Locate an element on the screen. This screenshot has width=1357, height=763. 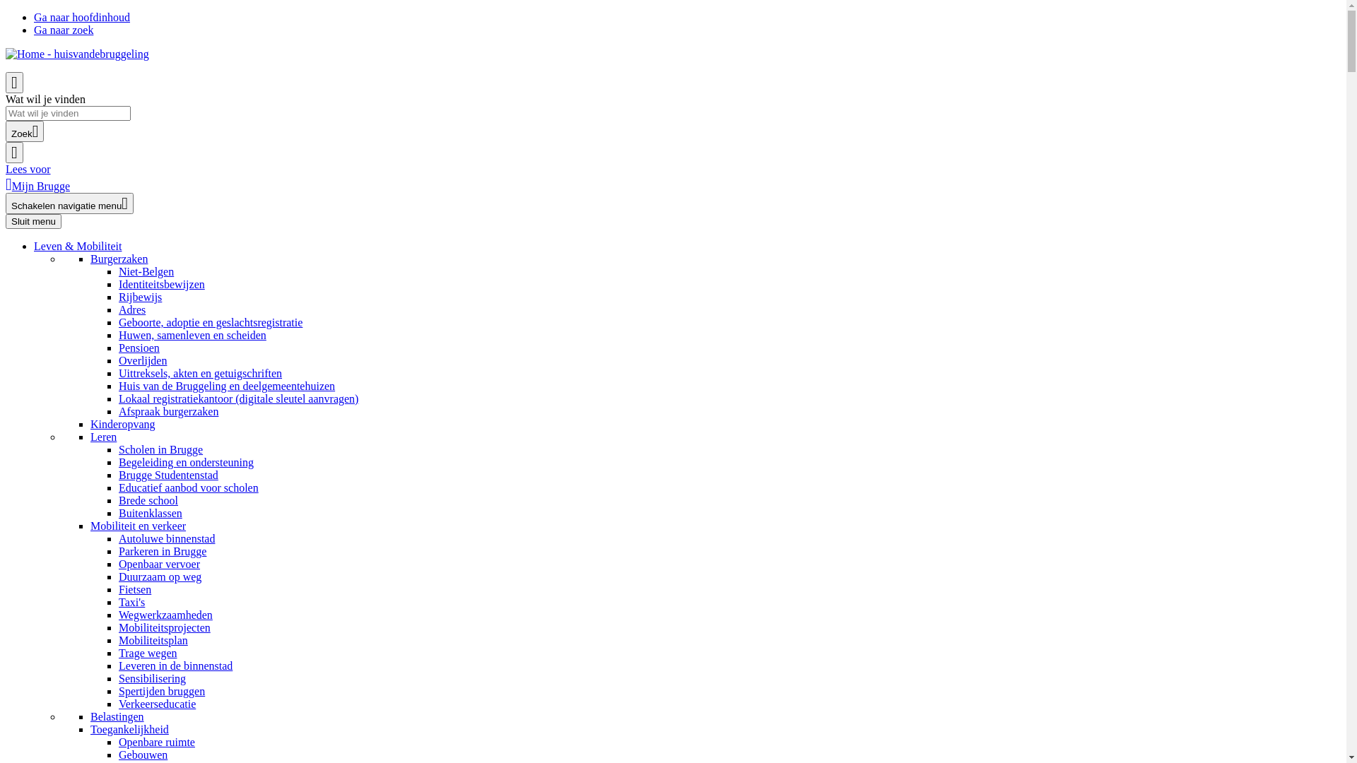
'Openbare ruimte' is located at coordinates (119, 741).